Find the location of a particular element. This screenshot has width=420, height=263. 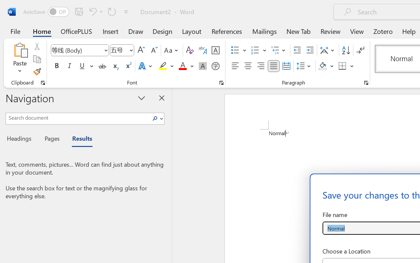

'Borders' is located at coordinates (342, 66).